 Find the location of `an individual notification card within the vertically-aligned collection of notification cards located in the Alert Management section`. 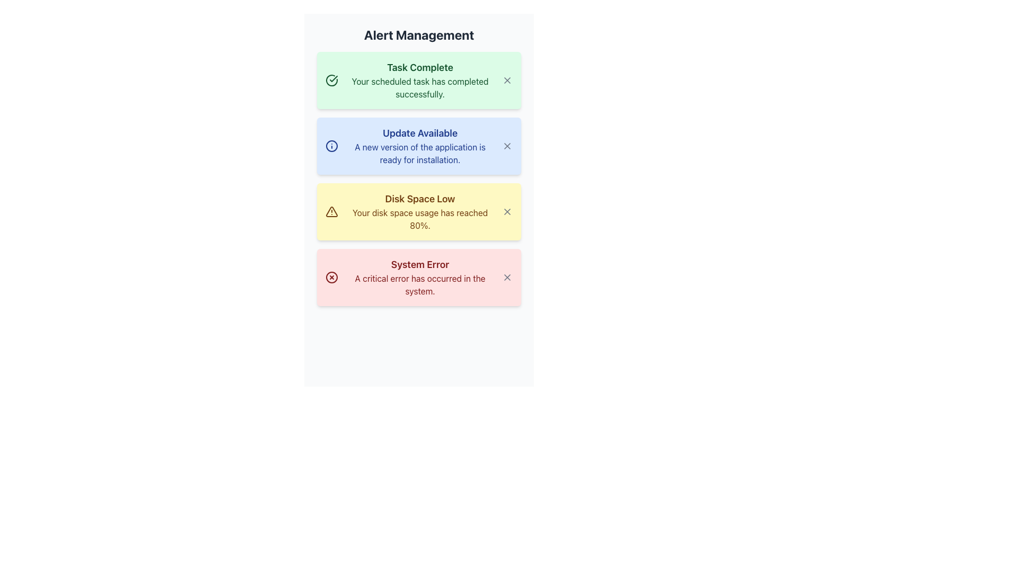

an individual notification card within the vertically-aligned collection of notification cards located in the Alert Management section is located at coordinates (418, 178).